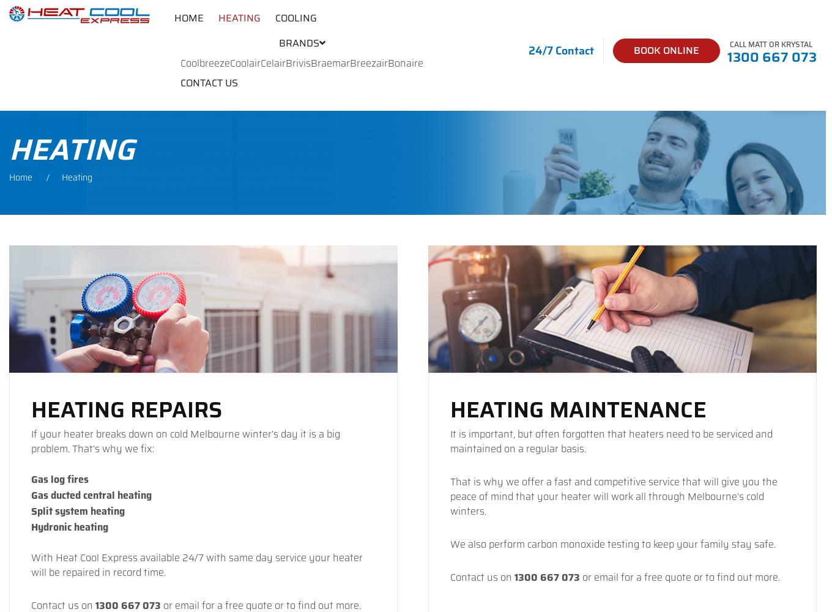 Image resolution: width=832 pixels, height=612 pixels. Describe the element at coordinates (611, 441) in the screenshot. I see `'It is important, but often forgotten that heaters need to be serviced and maintained on a regular basis.'` at that location.